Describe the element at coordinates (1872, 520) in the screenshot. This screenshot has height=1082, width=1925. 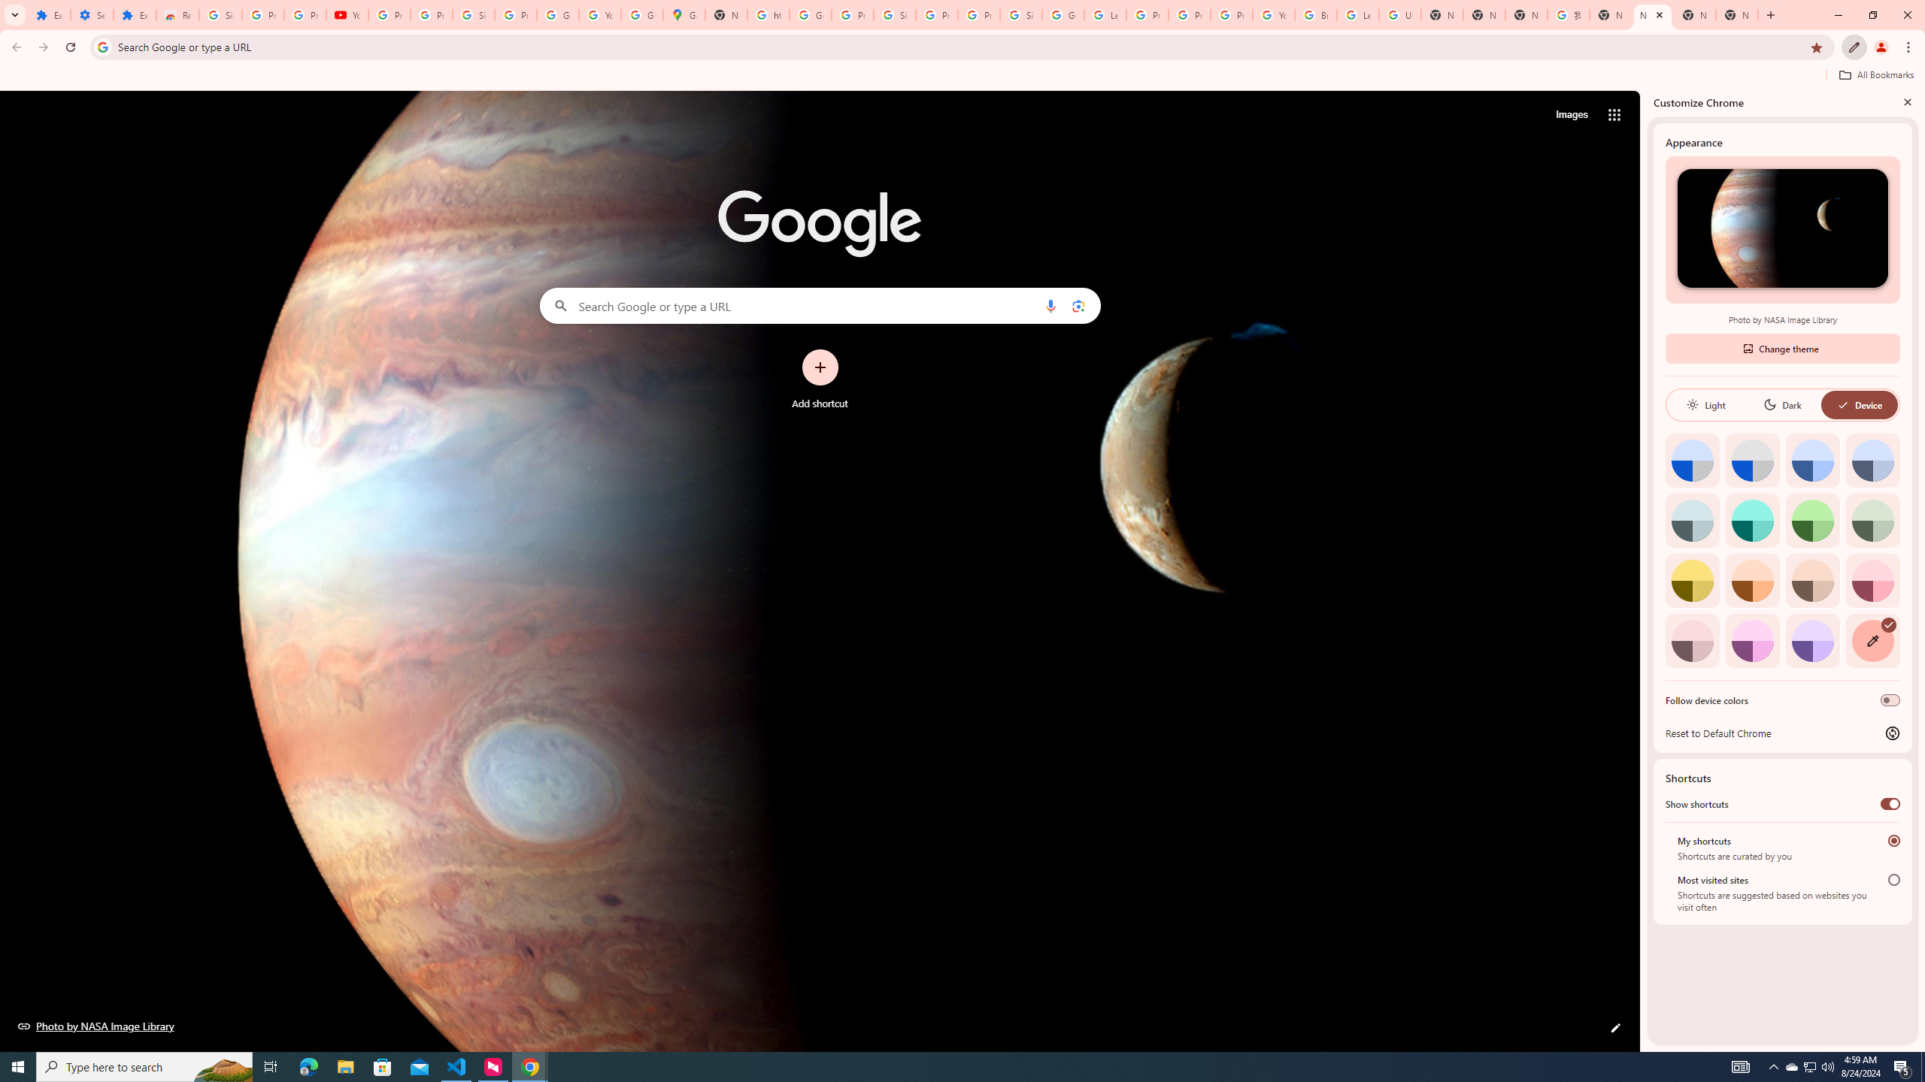
I see `'Viridian'` at that location.